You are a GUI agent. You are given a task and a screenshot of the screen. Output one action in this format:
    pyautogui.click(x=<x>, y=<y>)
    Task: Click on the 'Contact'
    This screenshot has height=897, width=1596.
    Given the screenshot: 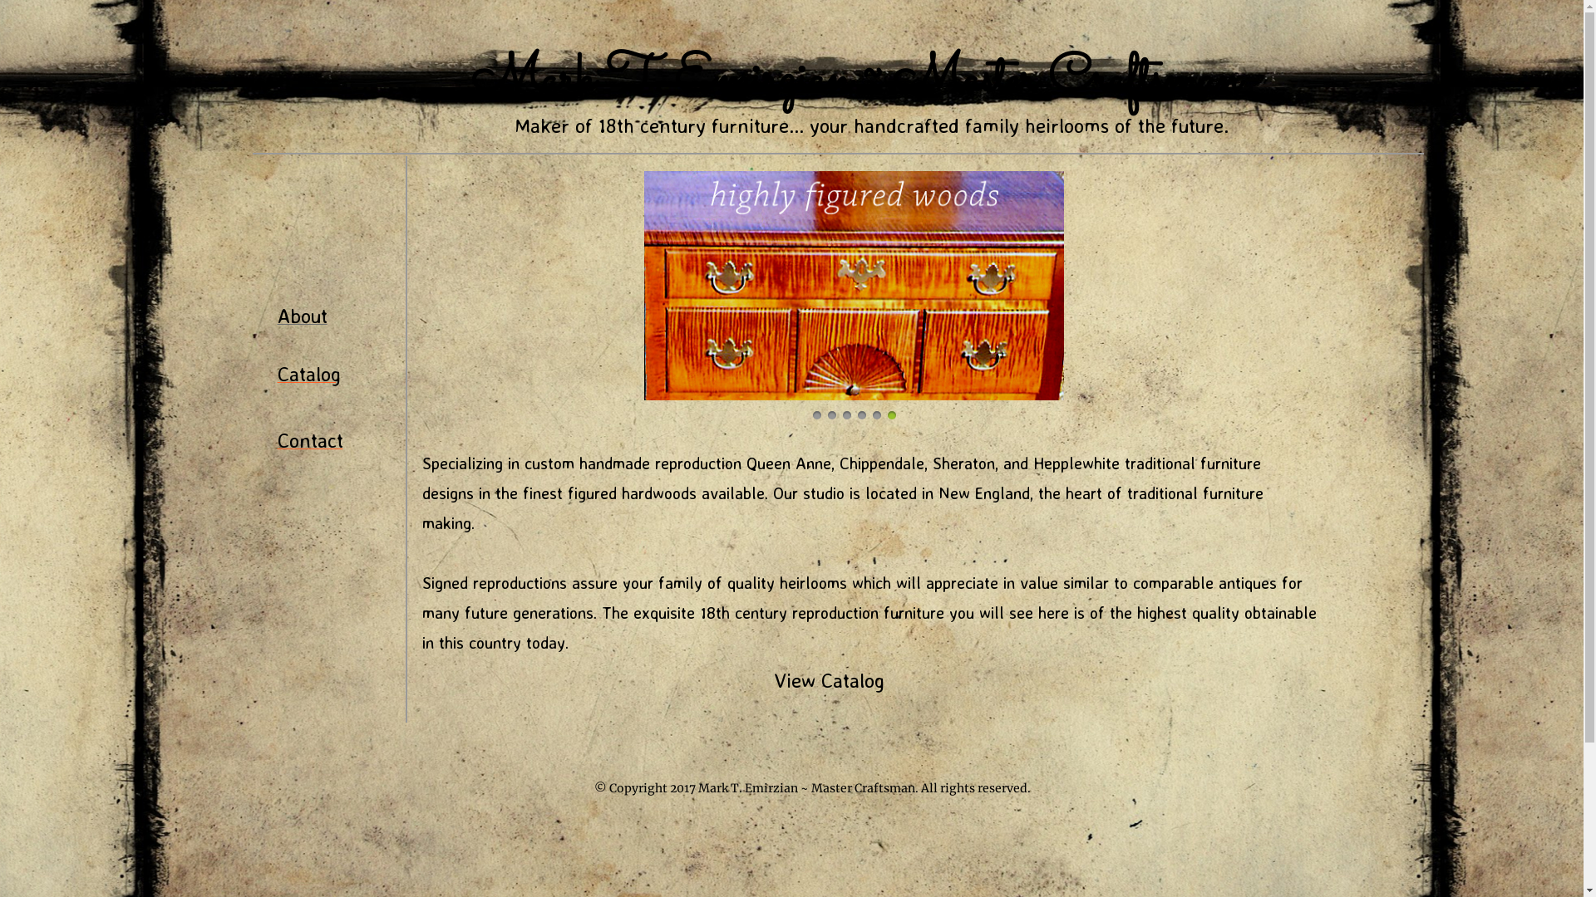 What is the action you would take?
    pyautogui.click(x=310, y=441)
    